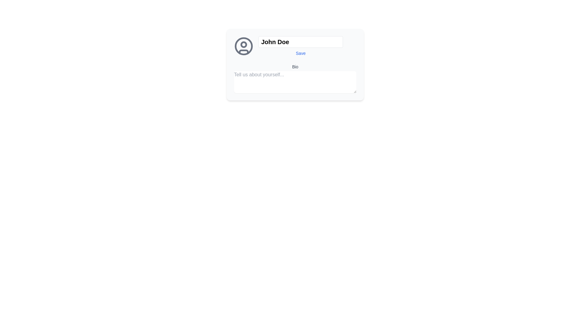  Describe the element at coordinates (295, 65) in the screenshot. I see `the Text Label that provides context for the multiline text input area, located below the 'Save' blue text link and above the multiline text input area` at that location.